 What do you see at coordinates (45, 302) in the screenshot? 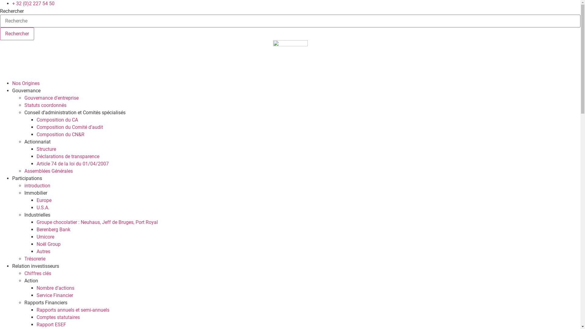
I see `'Rapports Financiers'` at bounding box center [45, 302].